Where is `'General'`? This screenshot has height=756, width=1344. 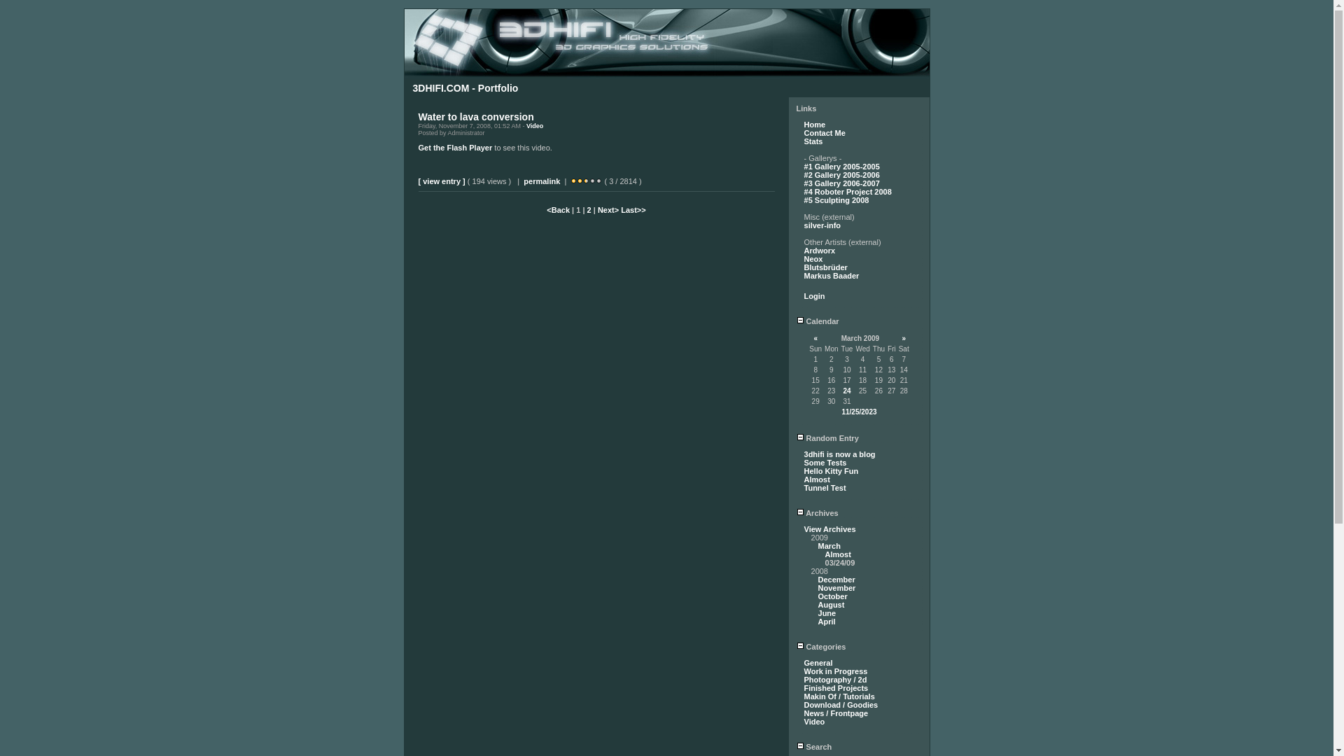
'General' is located at coordinates (818, 662).